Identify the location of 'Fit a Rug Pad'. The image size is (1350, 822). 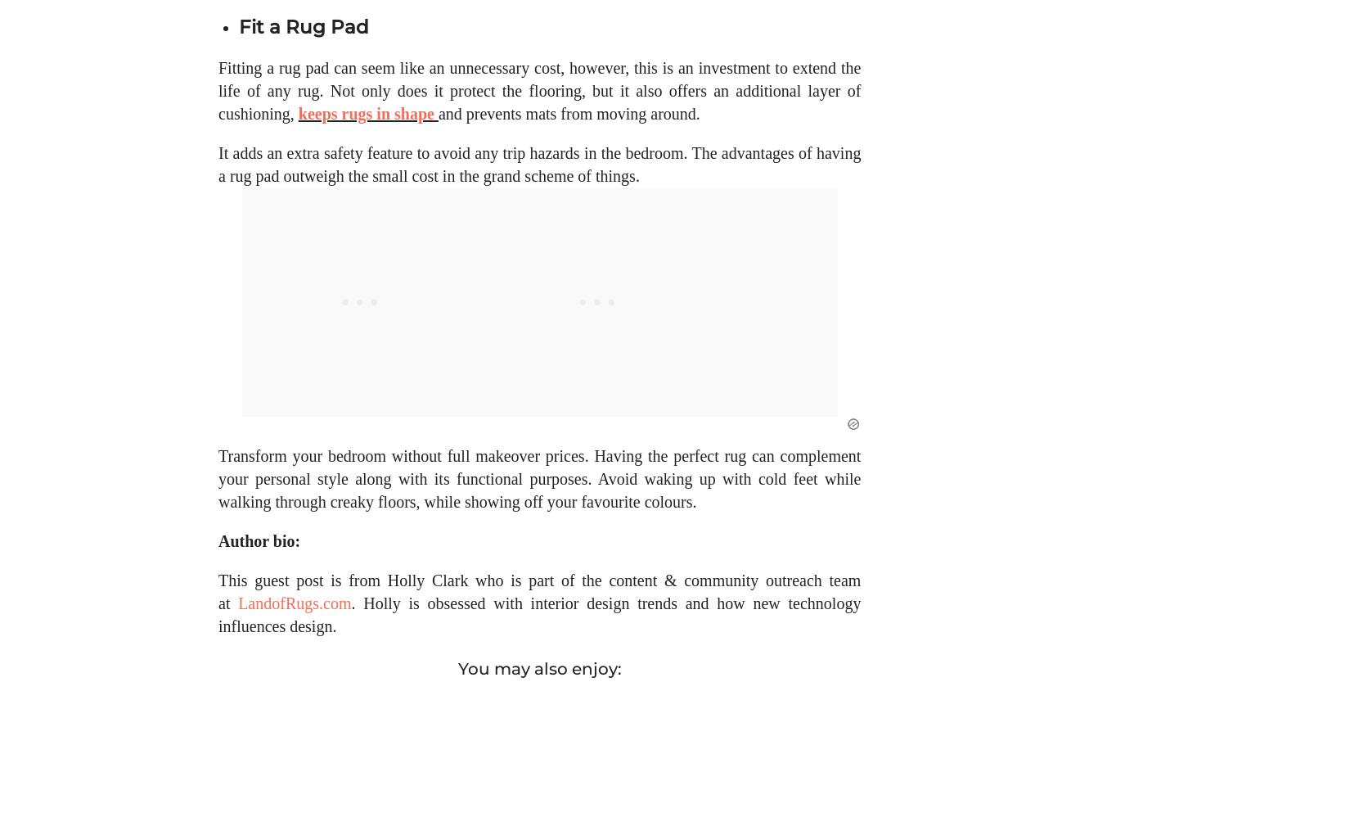
(304, 43).